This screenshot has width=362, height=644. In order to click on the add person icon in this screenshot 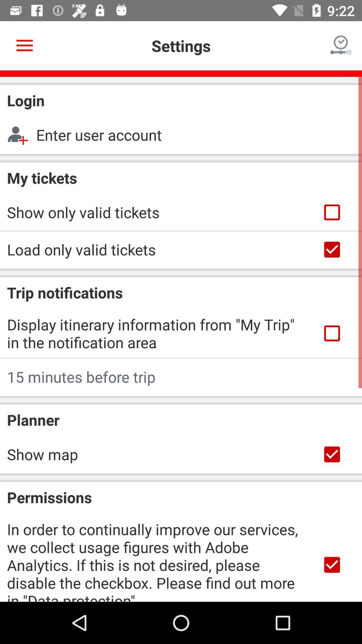, I will do `click(21, 135)`.